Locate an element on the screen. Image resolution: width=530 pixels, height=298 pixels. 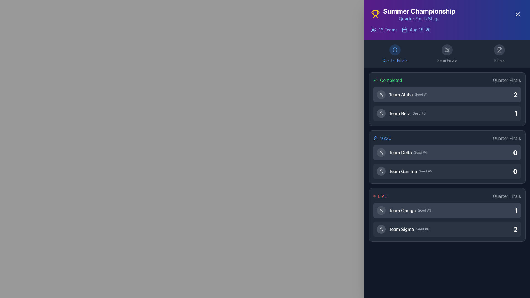
the timer icon that visually represents a scheduled time for an event, positioned to the left of the text '16:30' in the middle section of the interface is located at coordinates (375, 138).